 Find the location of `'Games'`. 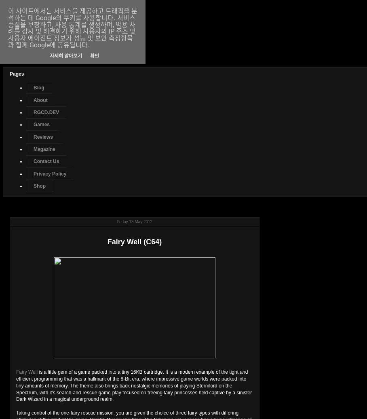

'Games' is located at coordinates (41, 125).